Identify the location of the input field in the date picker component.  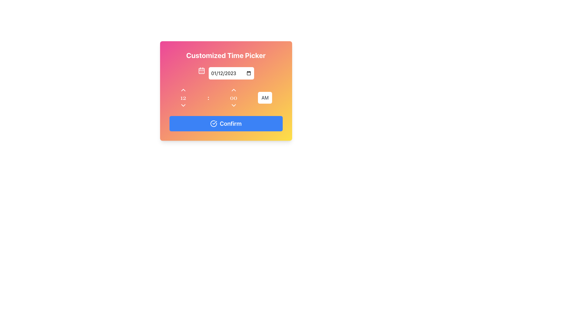
(226, 73).